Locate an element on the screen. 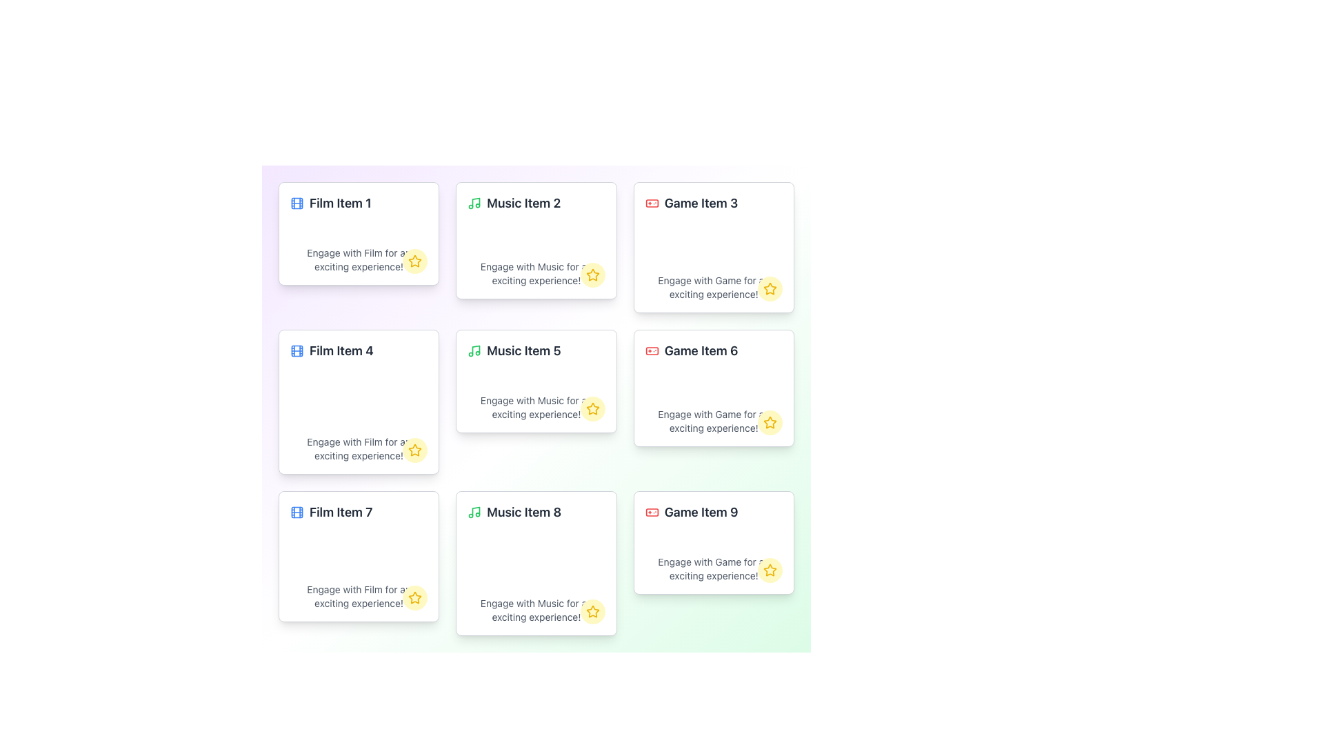 This screenshot has height=745, width=1324. the text label displaying 'Engage with Film for an exciting experience!' located in the card labeled 'Film Item 4' in the grid layout is located at coordinates (359, 449).